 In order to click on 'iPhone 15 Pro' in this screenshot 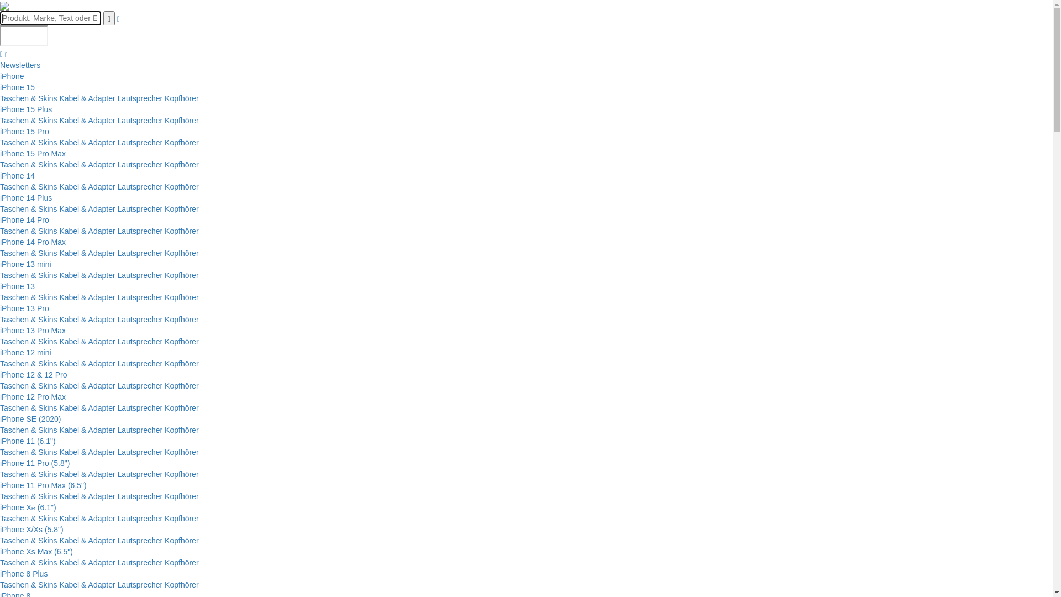, I will do `click(24, 131)`.